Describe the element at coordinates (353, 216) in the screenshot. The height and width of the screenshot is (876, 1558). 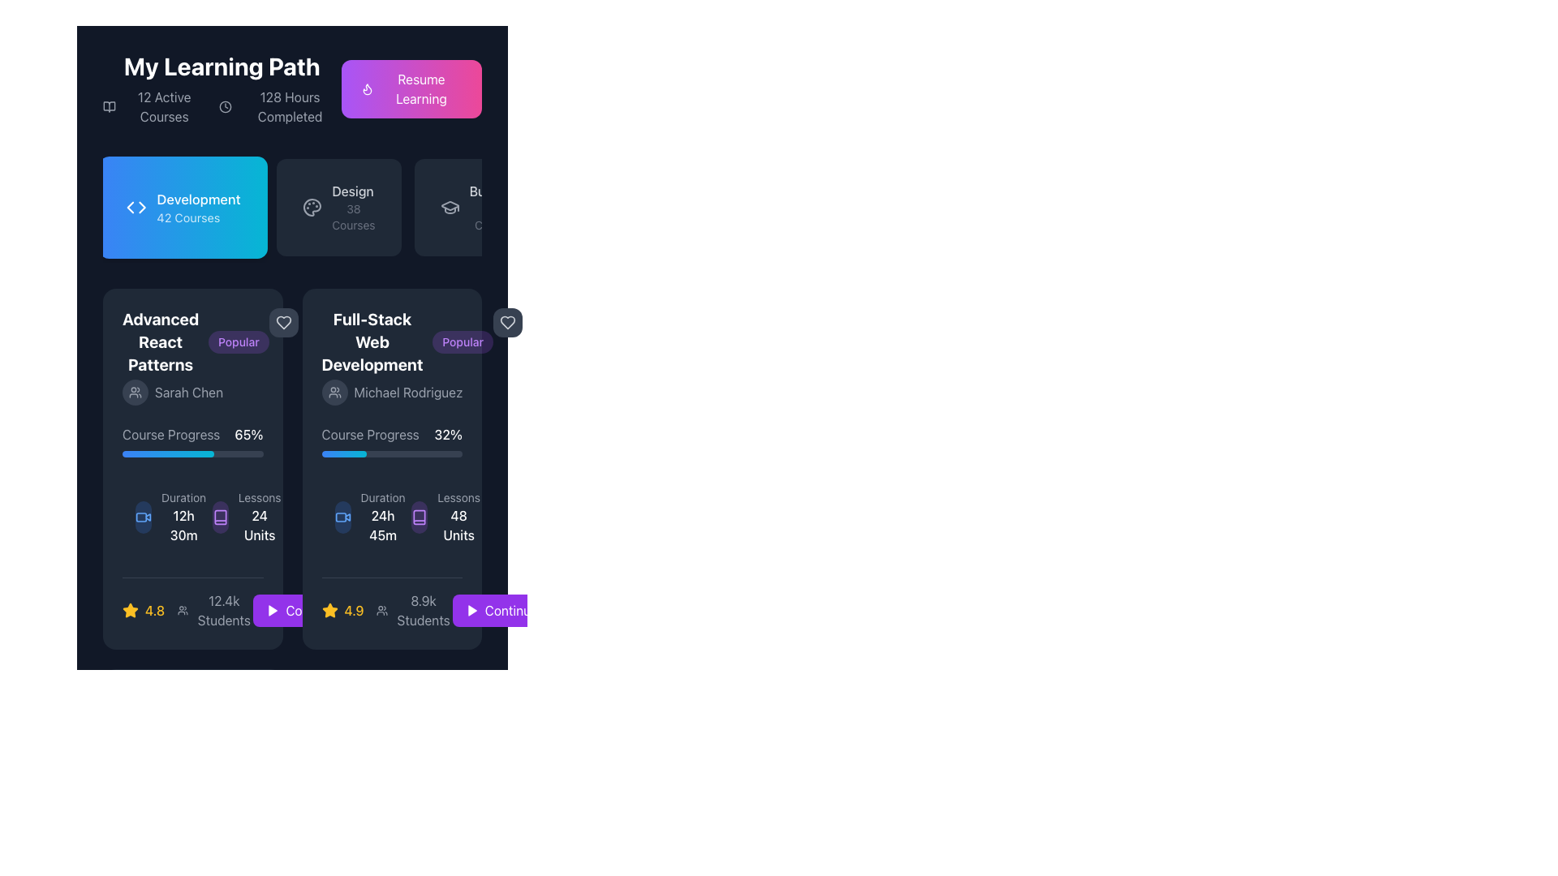
I see `the static text label displaying '38 Courses', which is styled in a small-sized font and light gray color, positioned below the text 'Design'` at that location.